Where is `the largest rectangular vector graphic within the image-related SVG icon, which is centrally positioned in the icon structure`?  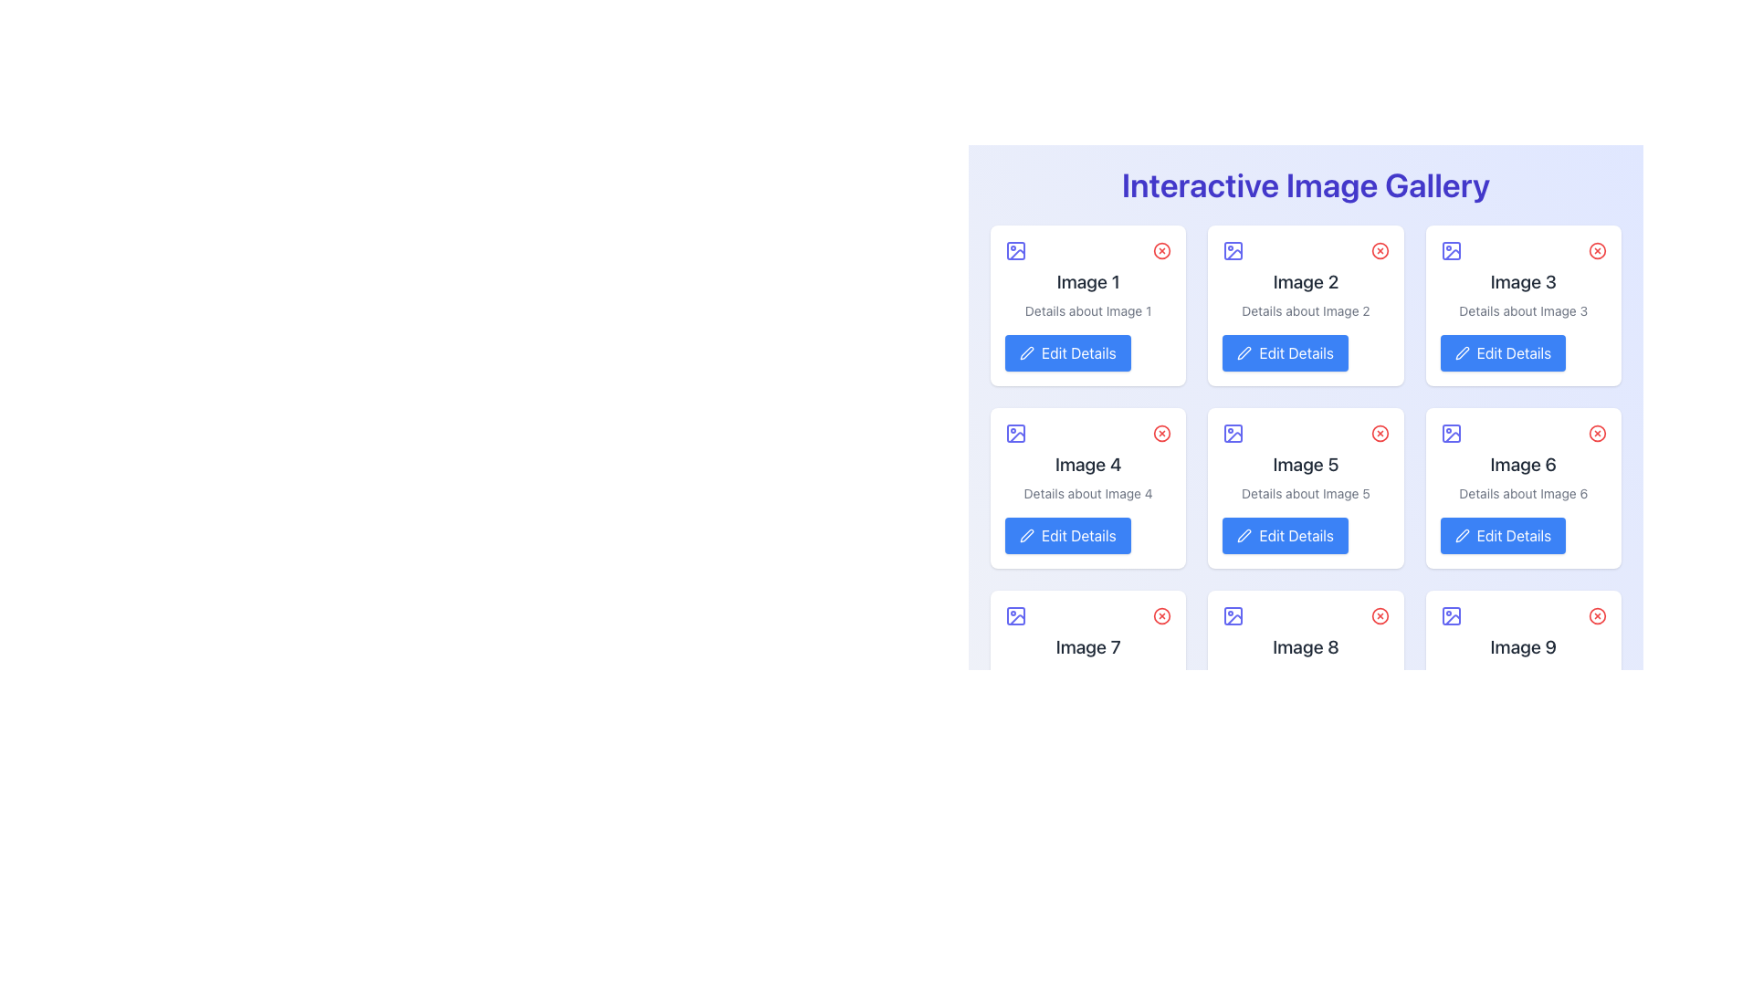
the largest rectangular vector graphic within the image-related SVG icon, which is centrally positioned in the icon structure is located at coordinates (1015, 433).